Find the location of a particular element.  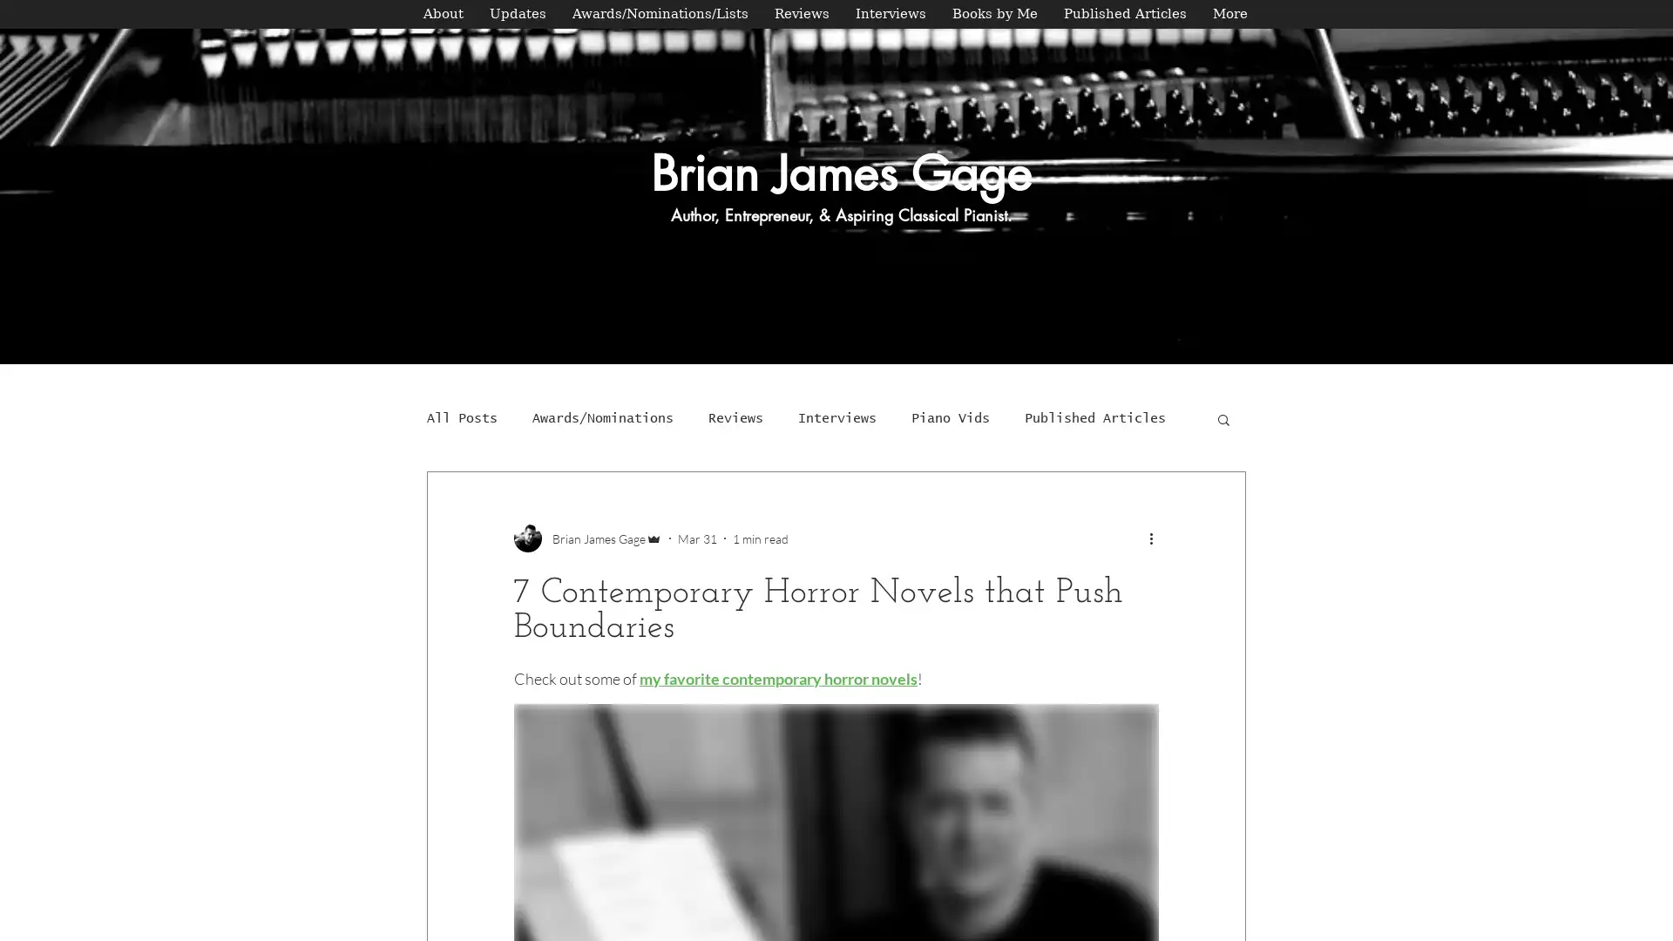

Interviews is located at coordinates (836, 419).